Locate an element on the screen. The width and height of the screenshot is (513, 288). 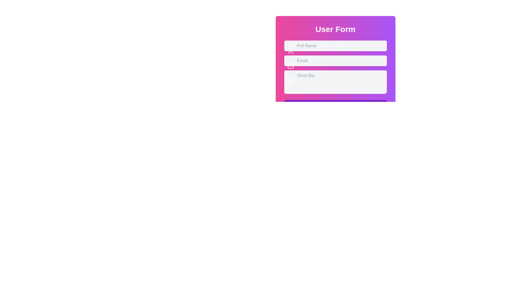
the Text Label at the top of the form, which serves as the title or header indicating its purpose to the user is located at coordinates (335, 29).